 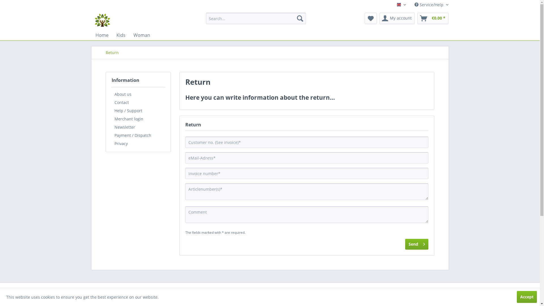 What do you see at coordinates (396, 18) in the screenshot?
I see `'My account'` at bounding box center [396, 18].